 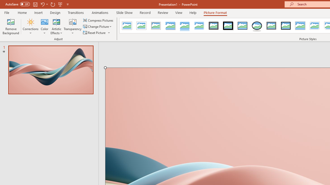 What do you see at coordinates (42, 4) in the screenshot?
I see `'Undo'` at bounding box center [42, 4].